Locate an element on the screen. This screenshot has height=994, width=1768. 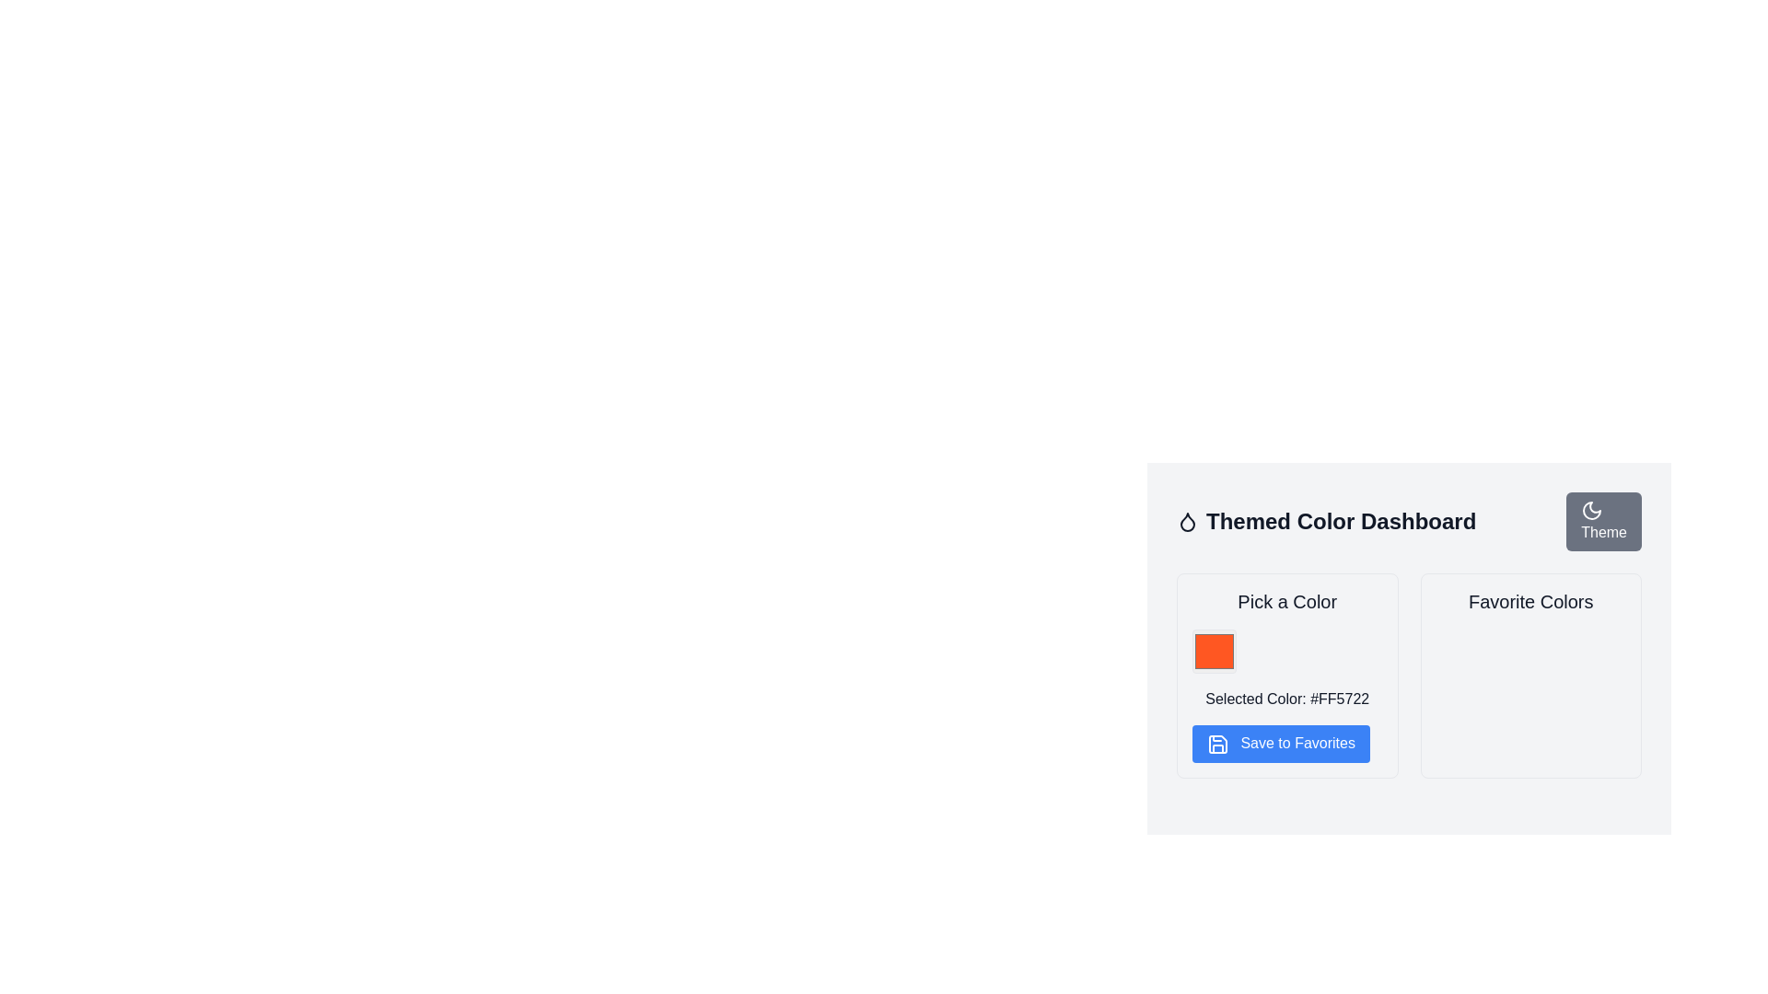
the Text Label that serves as a section heading for the color selection feature, which is positioned above the color selection box and the 'Save to Favorites' button is located at coordinates (1286, 602).